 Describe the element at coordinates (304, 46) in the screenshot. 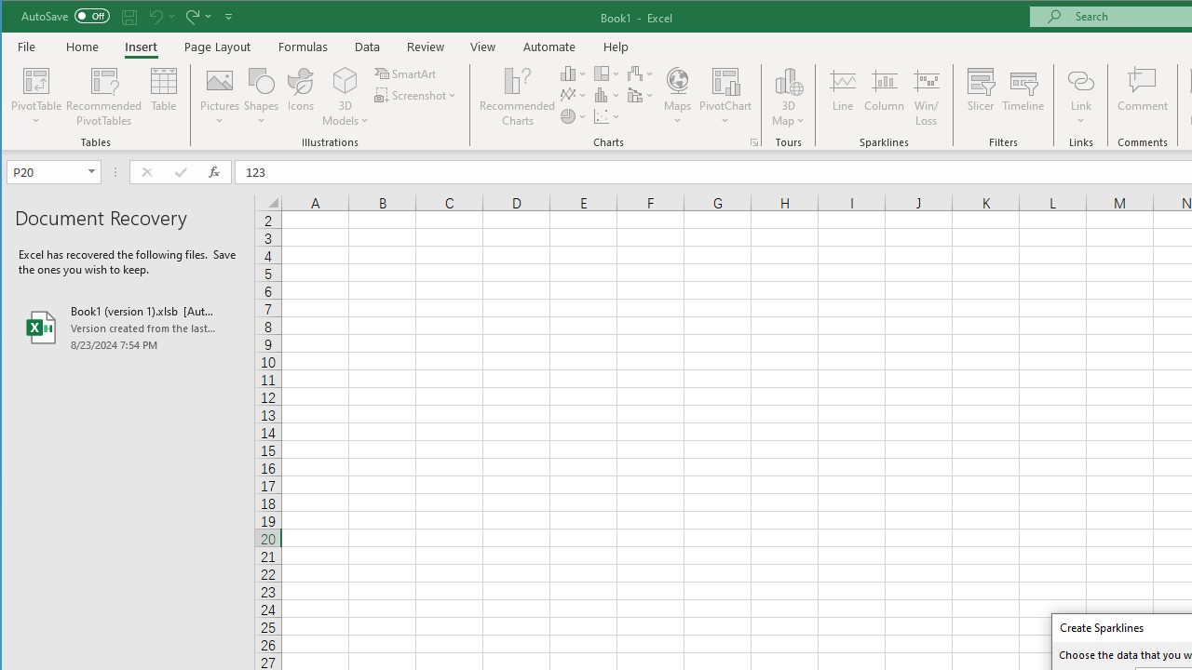

I see `'Formulas'` at that location.